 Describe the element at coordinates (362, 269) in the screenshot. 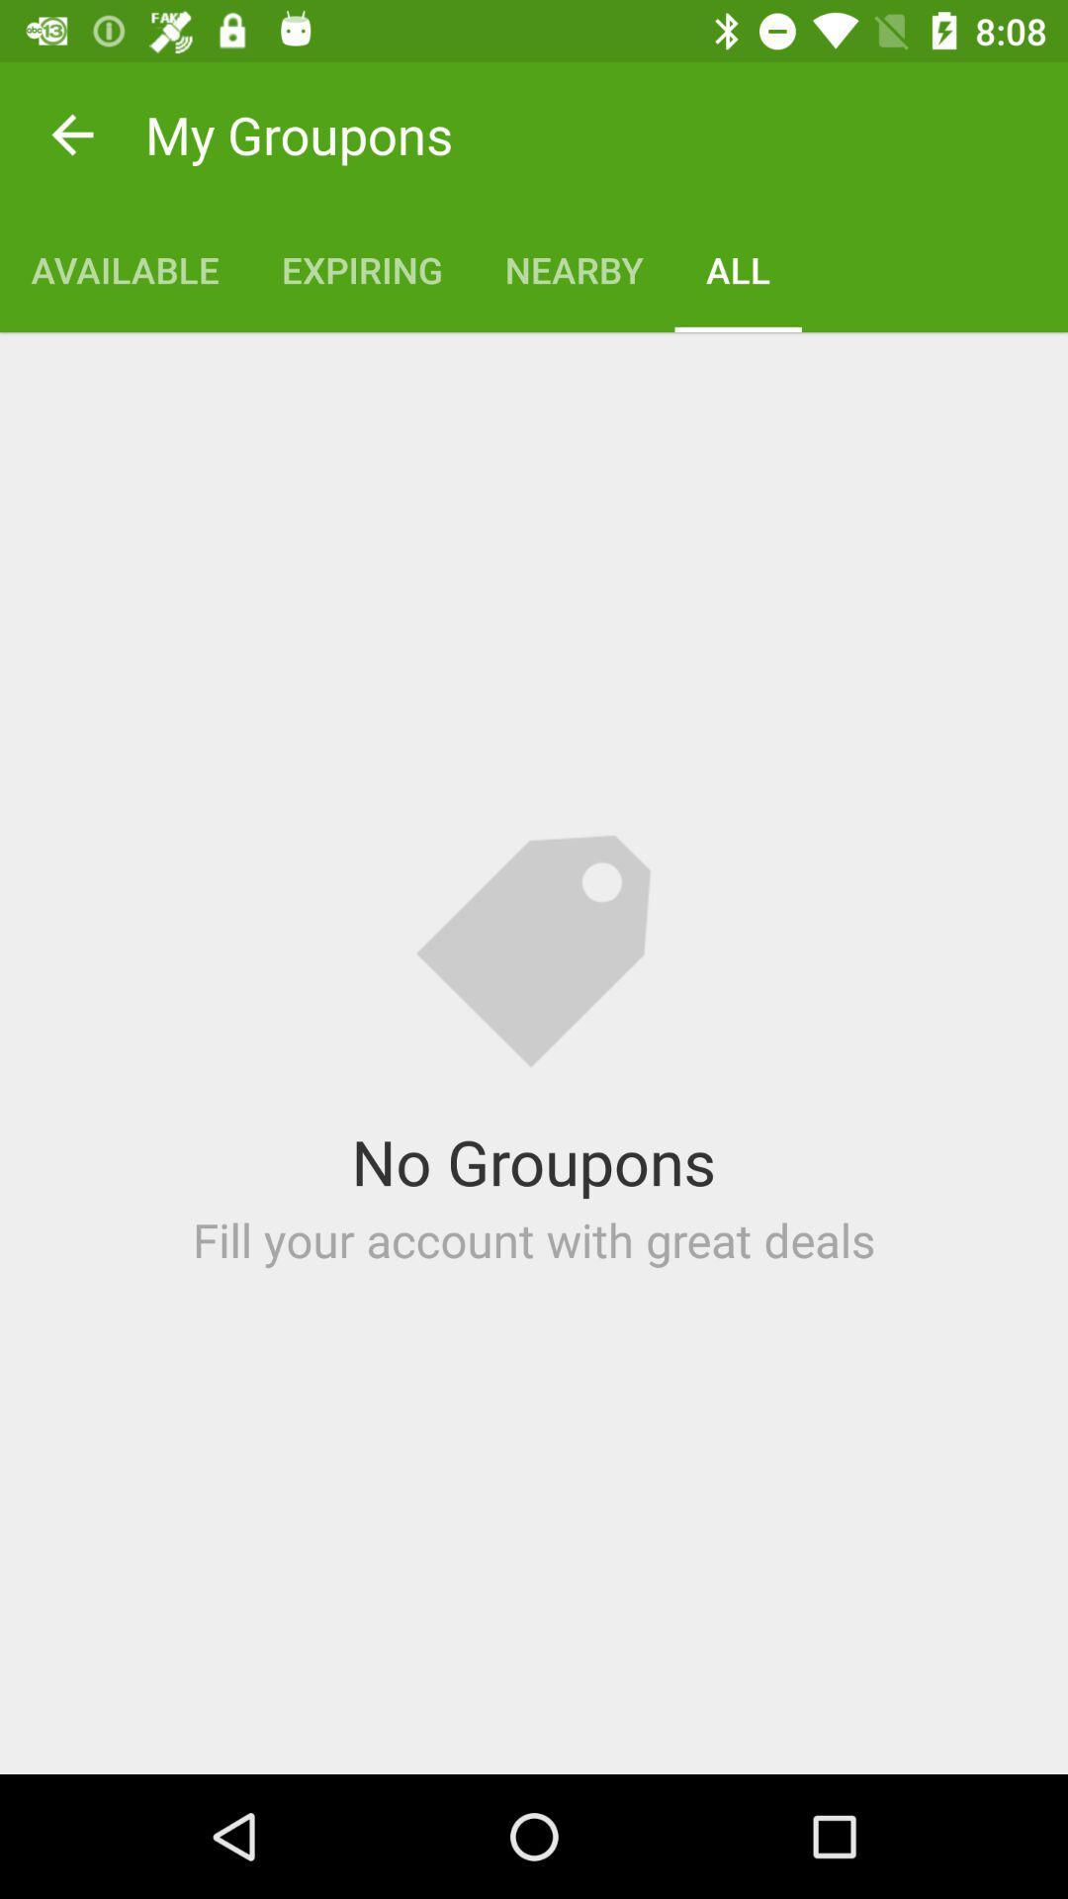

I see `the item to the left of nearby app` at that location.